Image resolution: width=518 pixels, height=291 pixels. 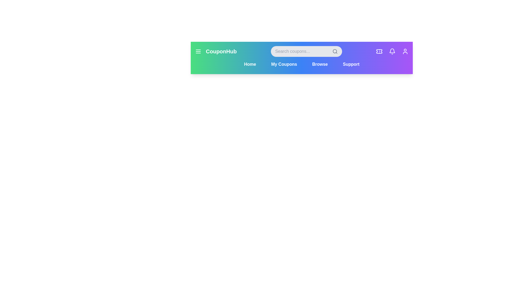 I want to click on the navigation button labeled My Coupons, so click(x=284, y=64).